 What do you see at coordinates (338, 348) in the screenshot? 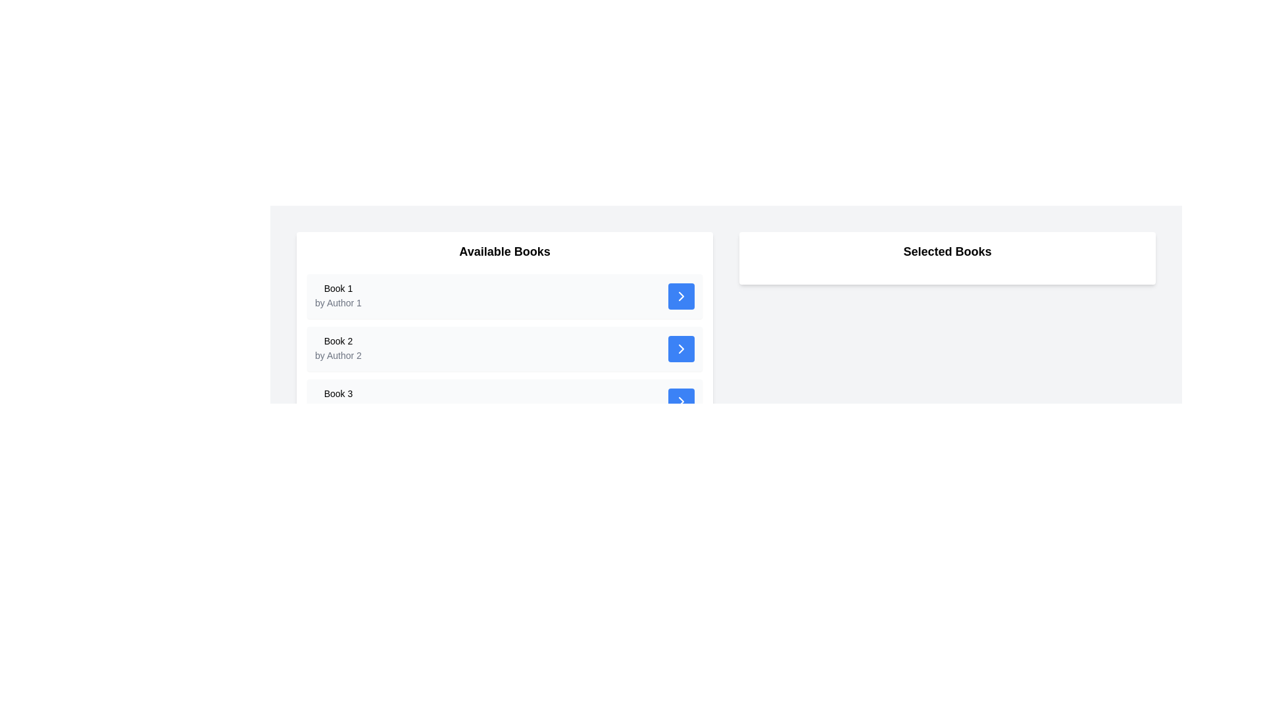
I see `the second book entry in the 'Available Books' section, which includes the title and author information` at bounding box center [338, 348].